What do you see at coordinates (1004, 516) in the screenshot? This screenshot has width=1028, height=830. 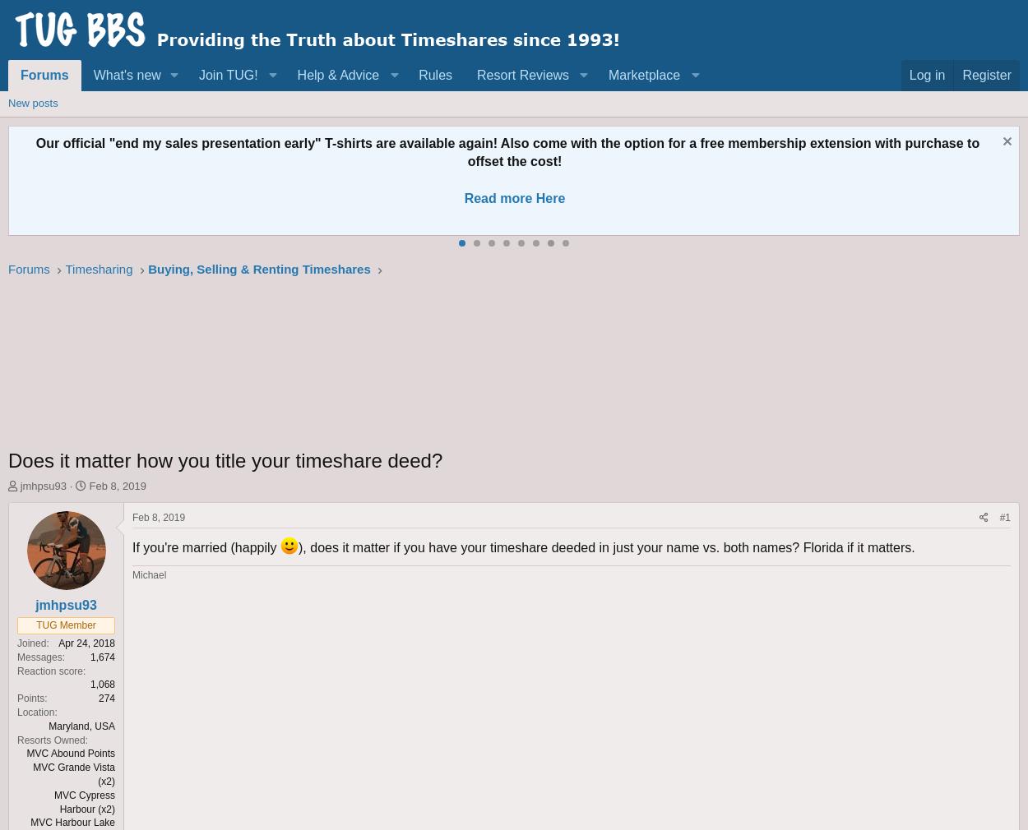 I see `'#1'` at bounding box center [1004, 516].